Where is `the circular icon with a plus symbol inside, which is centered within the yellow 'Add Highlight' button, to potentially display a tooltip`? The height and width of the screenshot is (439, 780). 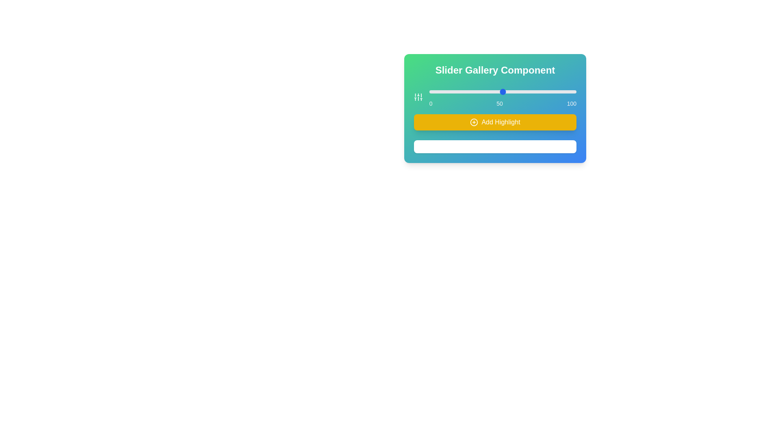 the circular icon with a plus symbol inside, which is centered within the yellow 'Add Highlight' button, to potentially display a tooltip is located at coordinates (474, 122).